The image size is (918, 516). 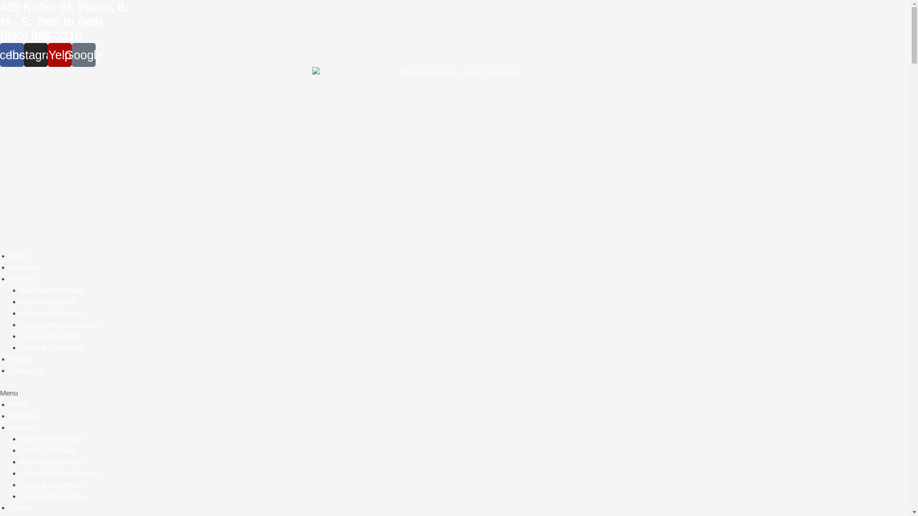 I want to click on 'Kitchen Remodel', so click(x=47, y=301).